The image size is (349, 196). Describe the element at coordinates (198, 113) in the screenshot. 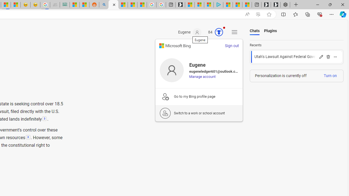

I see `'Switch to a work or school account'` at that location.